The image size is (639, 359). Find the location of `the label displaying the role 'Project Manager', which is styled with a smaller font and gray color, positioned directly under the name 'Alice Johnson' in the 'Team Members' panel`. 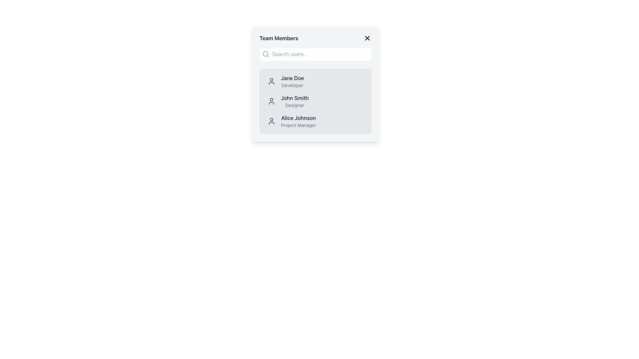

the label displaying the role 'Project Manager', which is styled with a smaller font and gray color, positioned directly under the name 'Alice Johnson' in the 'Team Members' panel is located at coordinates (298, 125).